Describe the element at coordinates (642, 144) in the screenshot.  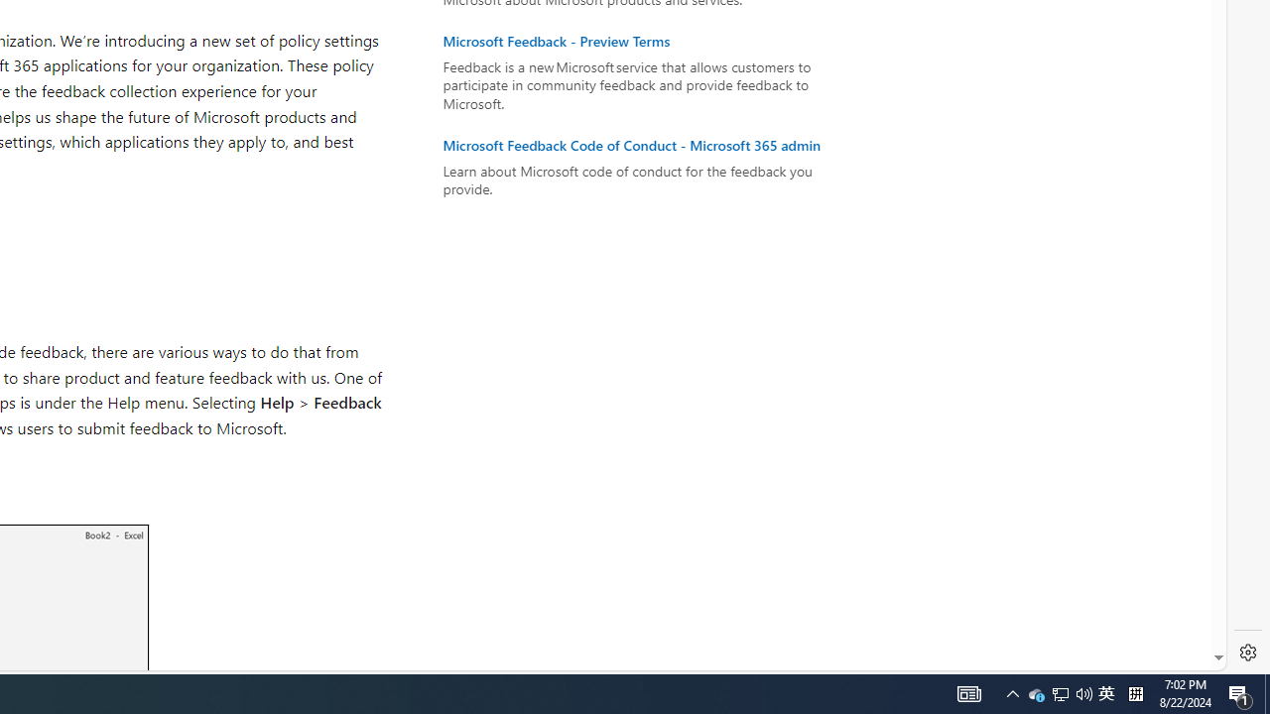
I see `'Microsoft Feedback Code of Conduct - Microsoft 365 admin'` at that location.